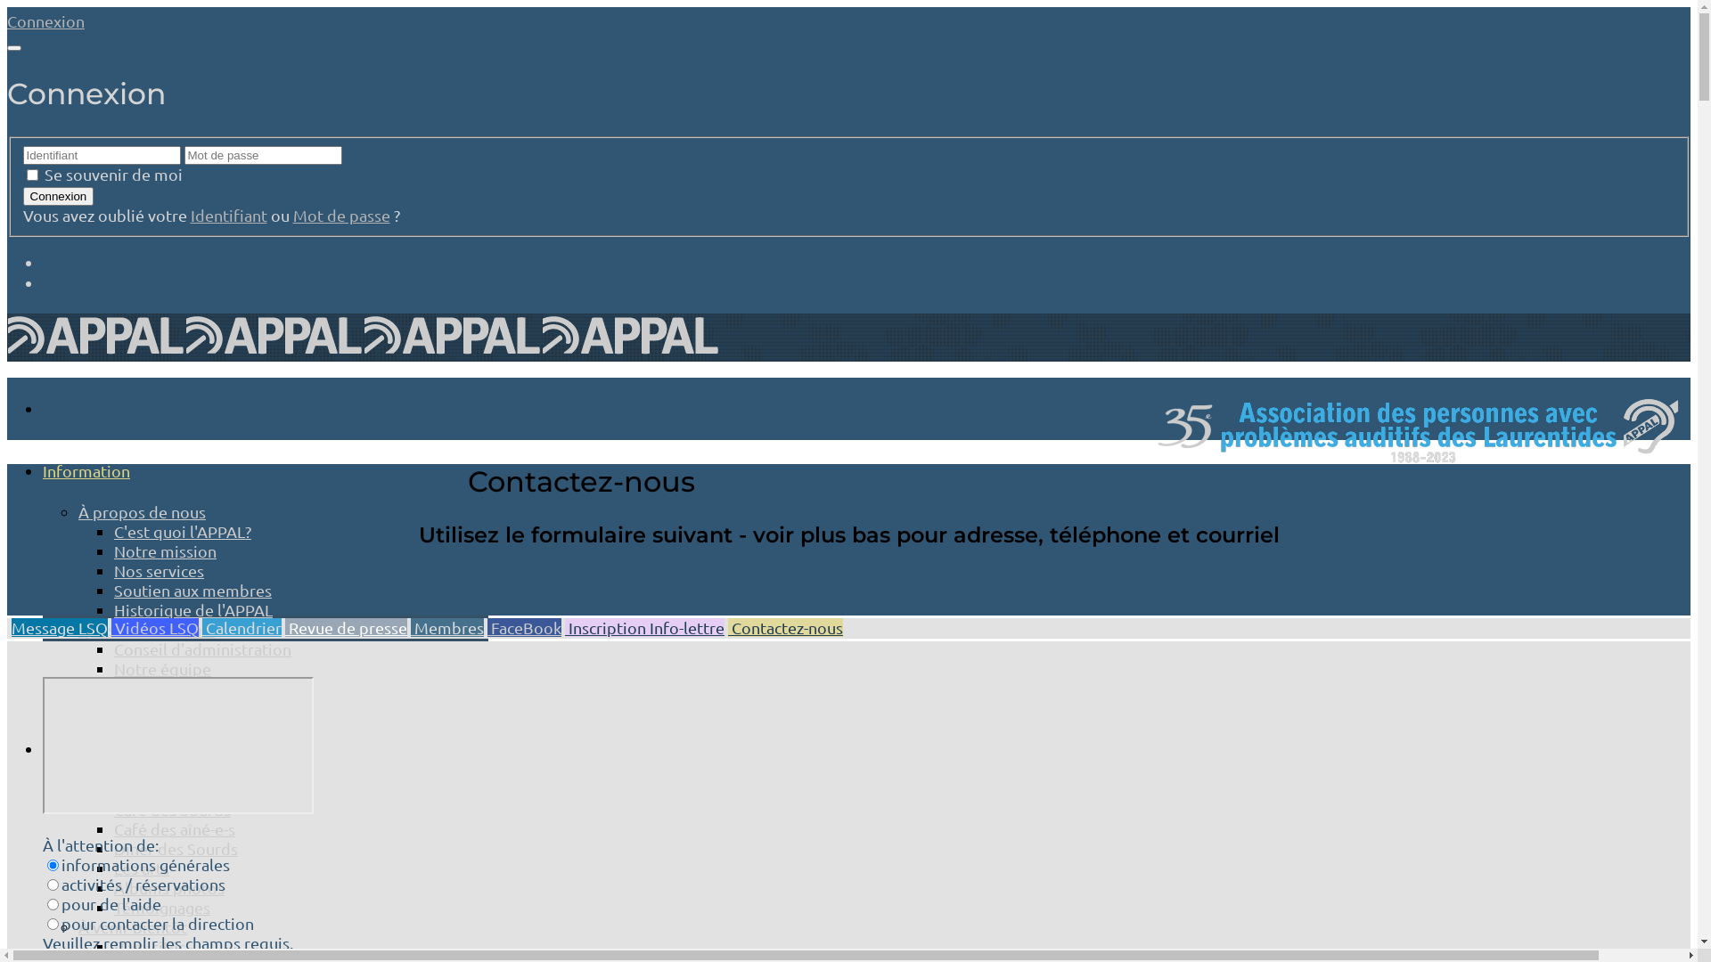 The image size is (1711, 962). I want to click on 'Inscription Info-lettre', so click(643, 626).